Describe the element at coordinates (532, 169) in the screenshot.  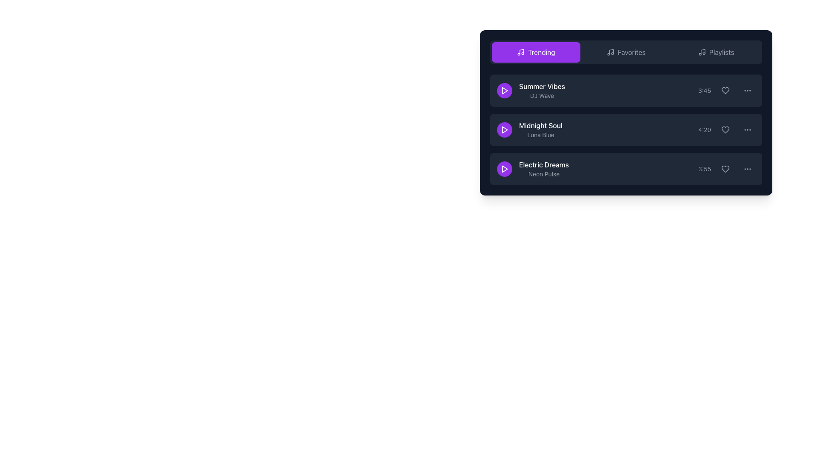
I see `the textual area of the list item component displaying the song title 'Electric Dreams'` at that location.